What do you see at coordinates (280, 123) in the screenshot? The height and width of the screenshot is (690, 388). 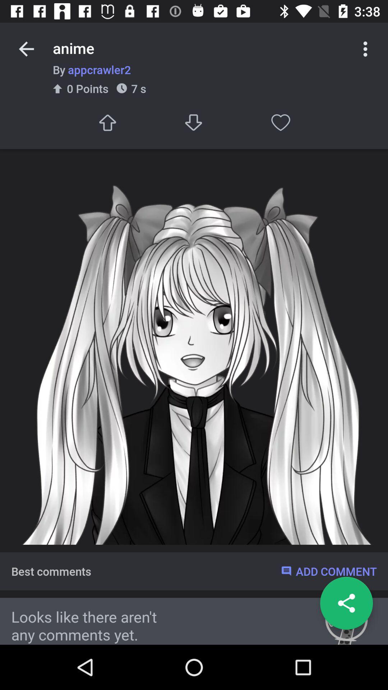 I see `the favorite icon` at bounding box center [280, 123].